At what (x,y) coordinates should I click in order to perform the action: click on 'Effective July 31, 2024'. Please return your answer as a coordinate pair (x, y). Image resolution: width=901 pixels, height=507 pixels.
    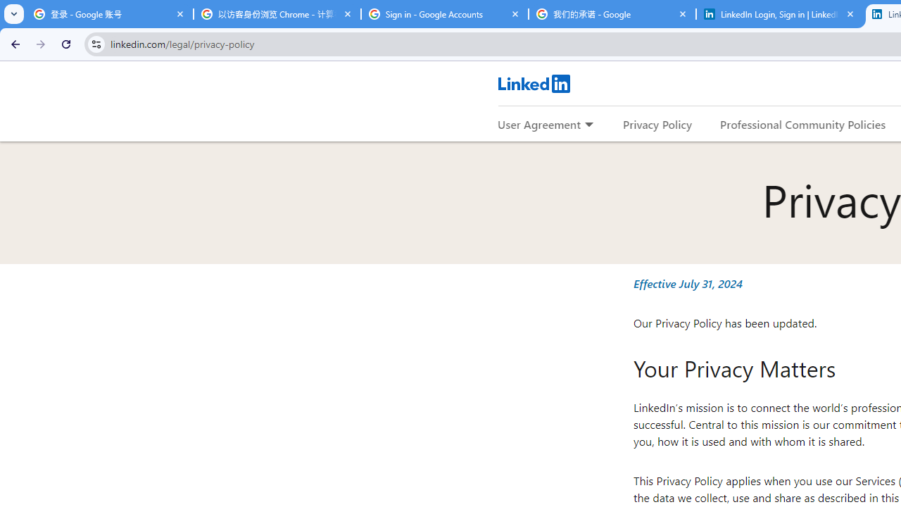
    Looking at the image, I should click on (688, 283).